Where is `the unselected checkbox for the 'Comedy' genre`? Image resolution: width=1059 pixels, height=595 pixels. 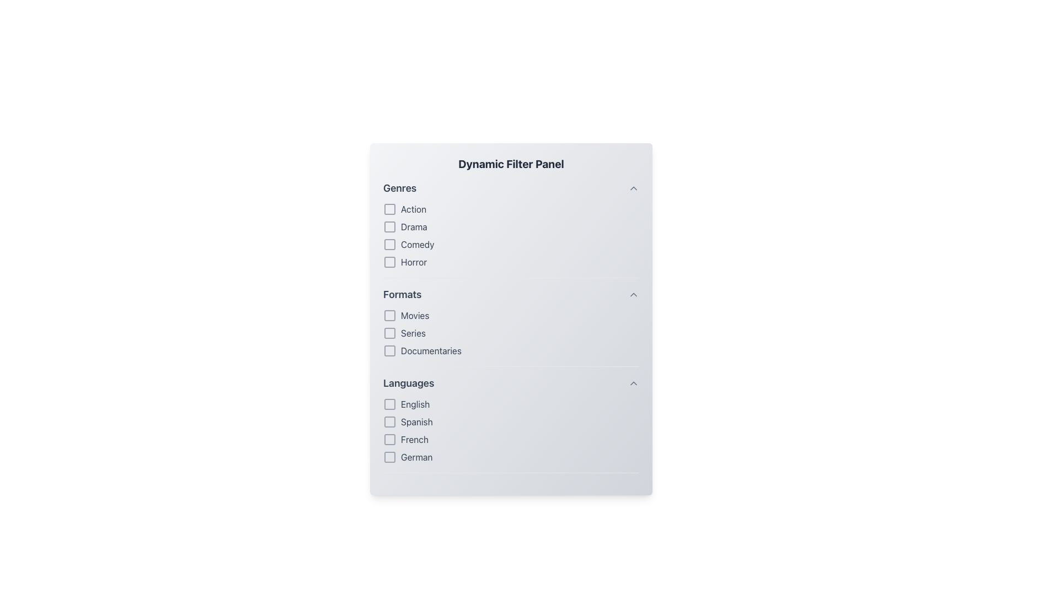
the unselected checkbox for the 'Comedy' genre is located at coordinates (389, 244).